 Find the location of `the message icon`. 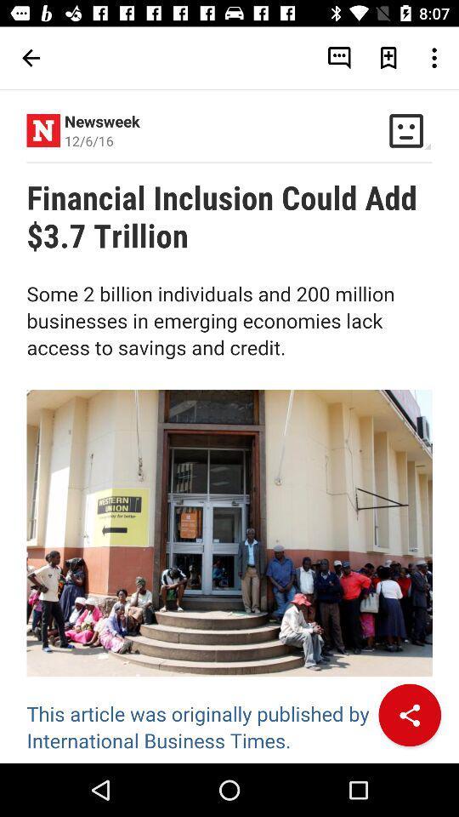

the message icon is located at coordinates (339, 58).